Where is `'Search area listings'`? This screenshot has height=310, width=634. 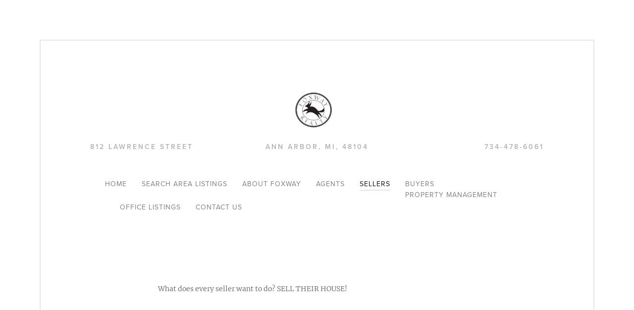 'Search area listings' is located at coordinates (141, 184).